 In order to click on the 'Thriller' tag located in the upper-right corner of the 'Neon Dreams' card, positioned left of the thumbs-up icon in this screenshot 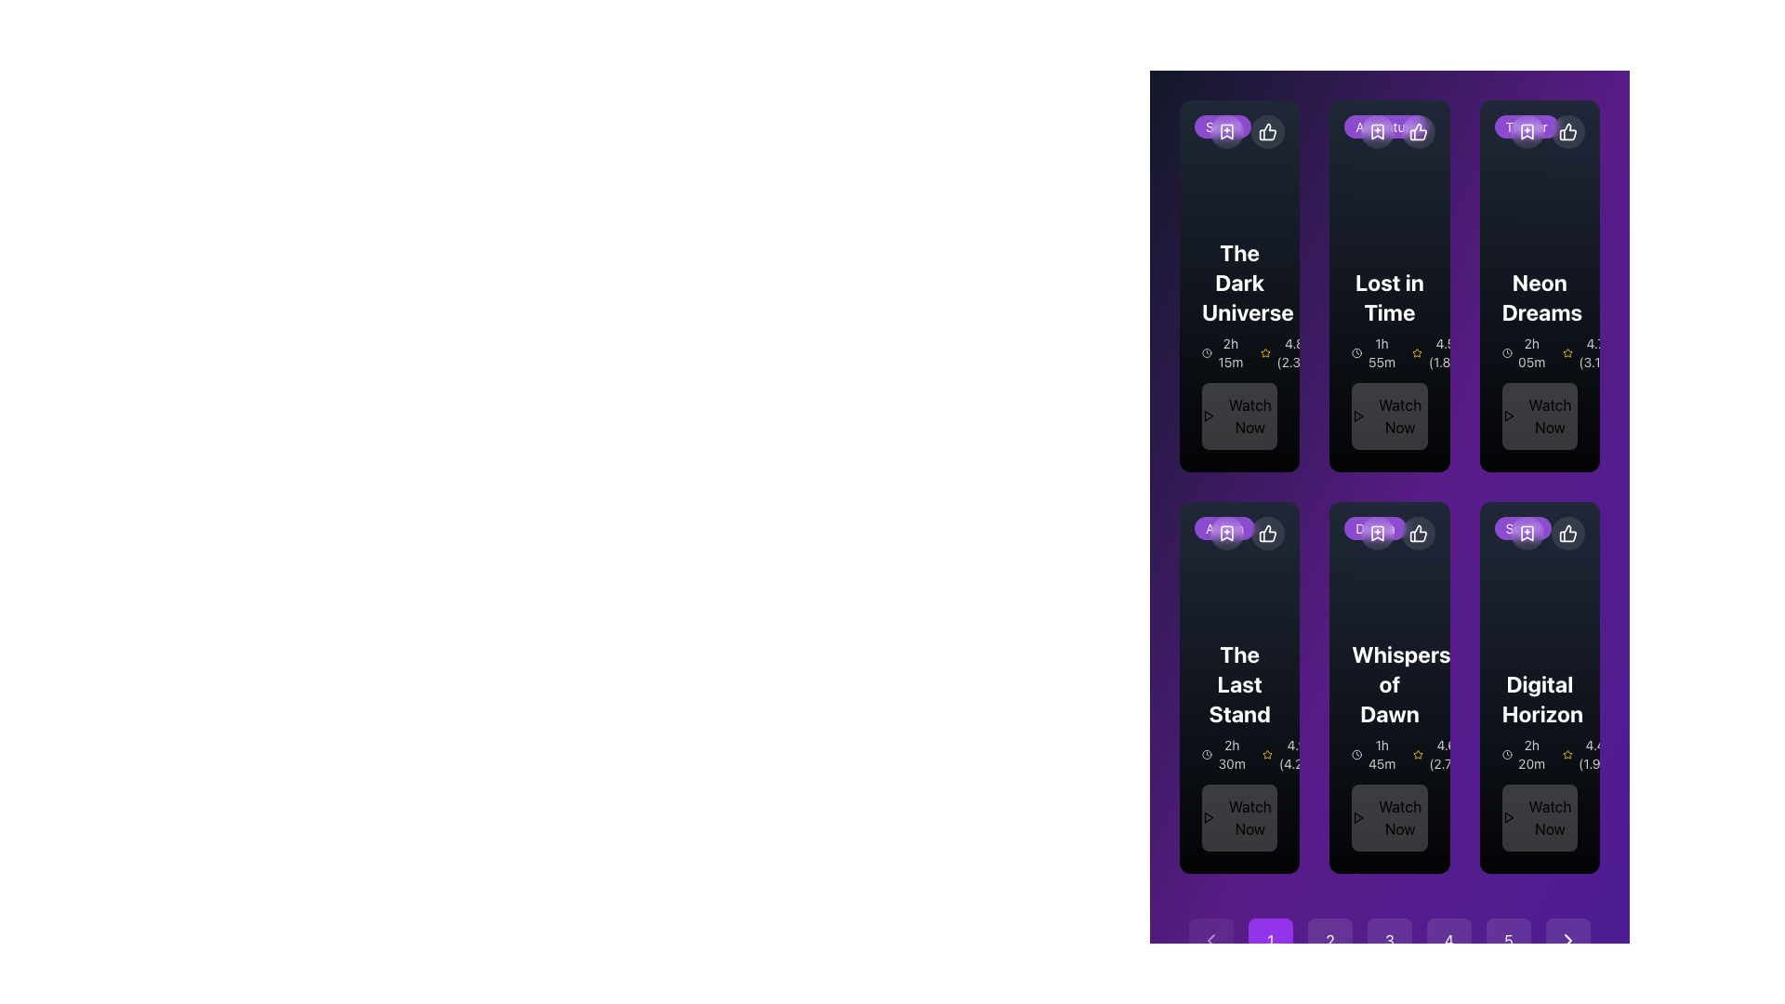, I will do `click(1527, 125)`.